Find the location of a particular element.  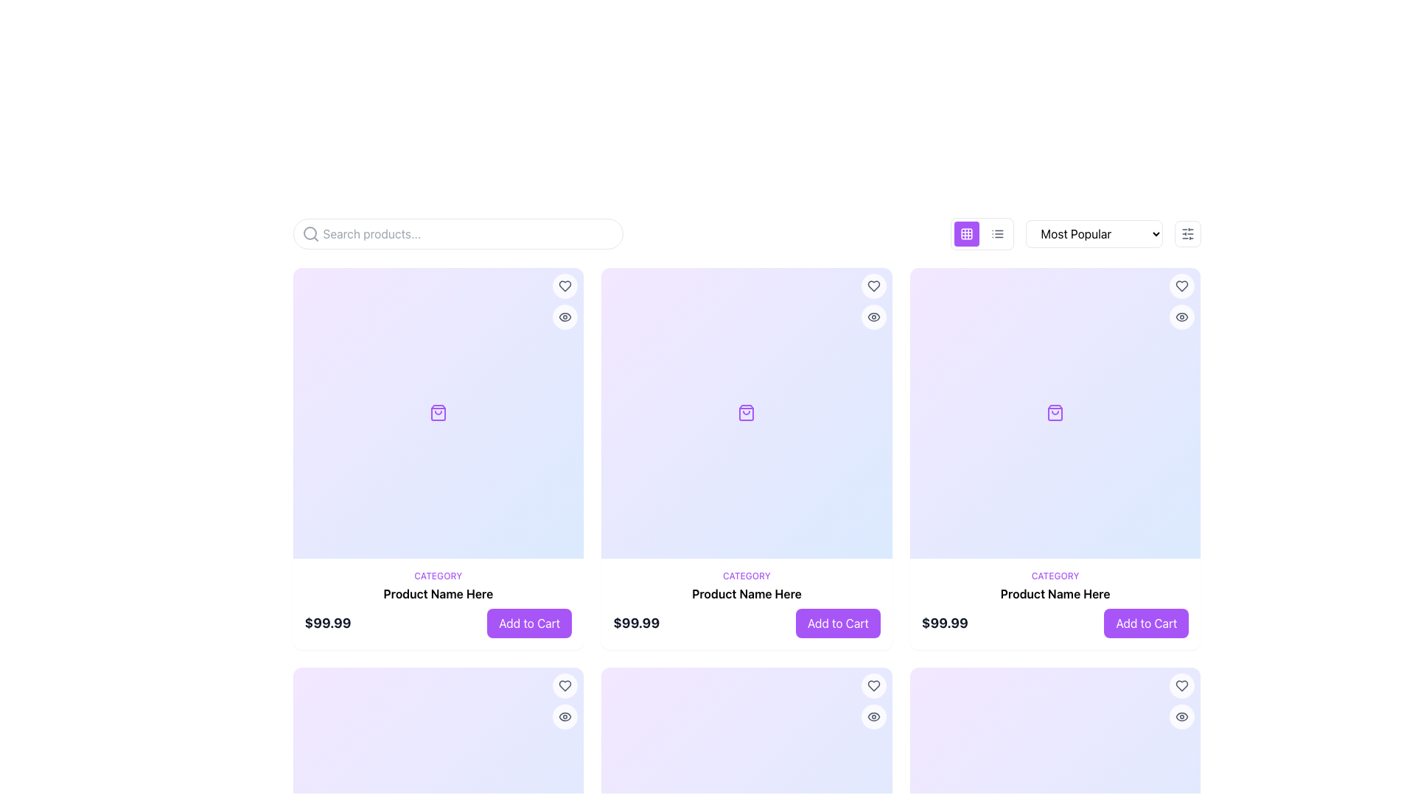

the product name text label located centrally within the card layout, positioned below the 'CATEGORY' label and above the price and 'Add to Cart' button is located at coordinates (437, 593).